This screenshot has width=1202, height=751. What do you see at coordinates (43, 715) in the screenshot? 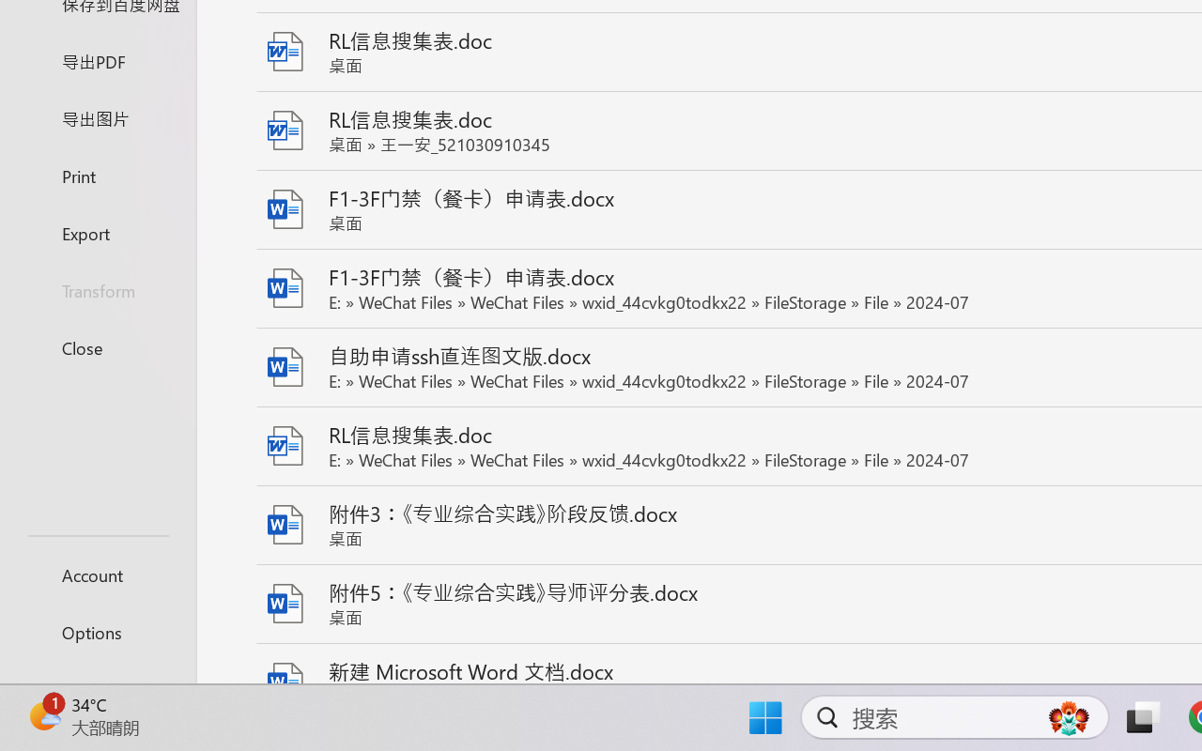
I see `'AutomationID: BadgeAnchorLargeTicker'` at bounding box center [43, 715].